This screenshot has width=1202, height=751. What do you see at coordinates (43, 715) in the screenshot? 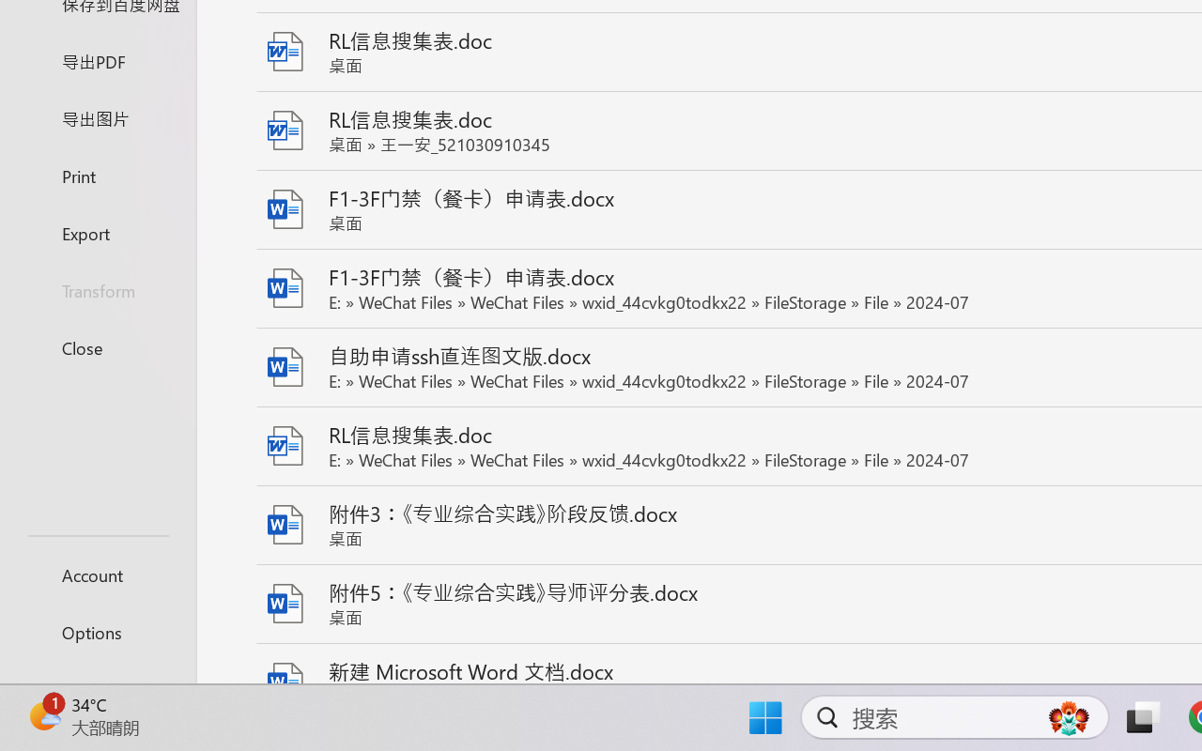
I see `'AutomationID: BadgeAnchorLargeTicker'` at bounding box center [43, 715].